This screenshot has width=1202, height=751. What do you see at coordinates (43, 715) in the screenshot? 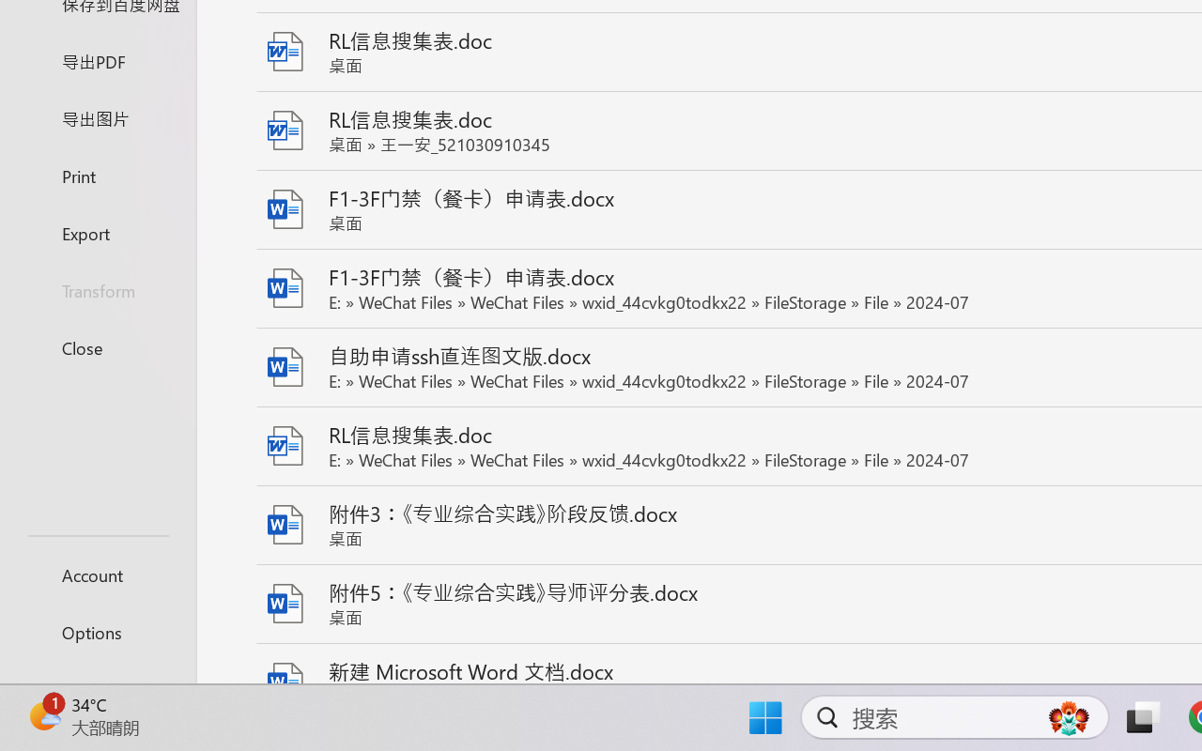
I see `'AutomationID: BadgeAnchorLargeTicker'` at bounding box center [43, 715].